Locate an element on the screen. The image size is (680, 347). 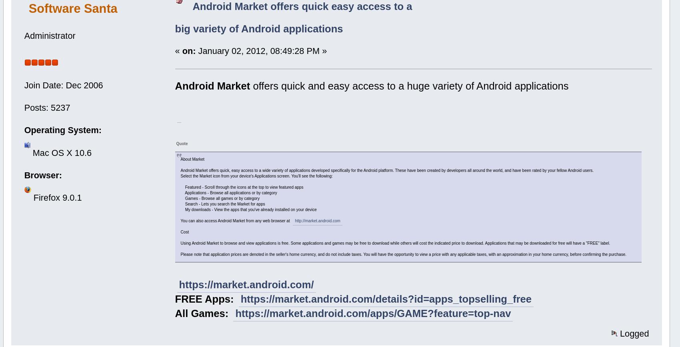
'Join Date: Dec 2006' is located at coordinates (63, 85).